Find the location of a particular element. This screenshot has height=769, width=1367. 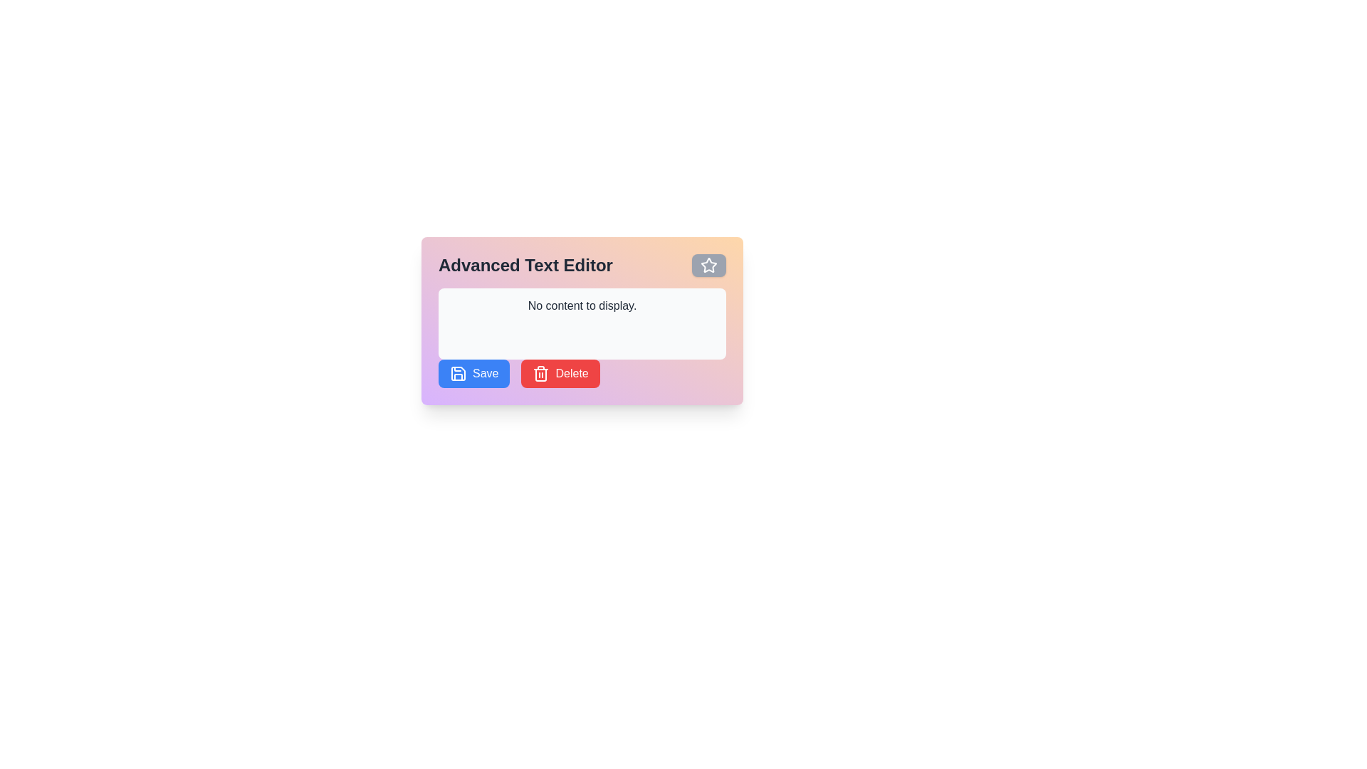

the text label displaying 'Advanced Text Editor' which is in bold, large dark gray font at the top of the panel above the textbox and buttons is located at coordinates (582, 266).